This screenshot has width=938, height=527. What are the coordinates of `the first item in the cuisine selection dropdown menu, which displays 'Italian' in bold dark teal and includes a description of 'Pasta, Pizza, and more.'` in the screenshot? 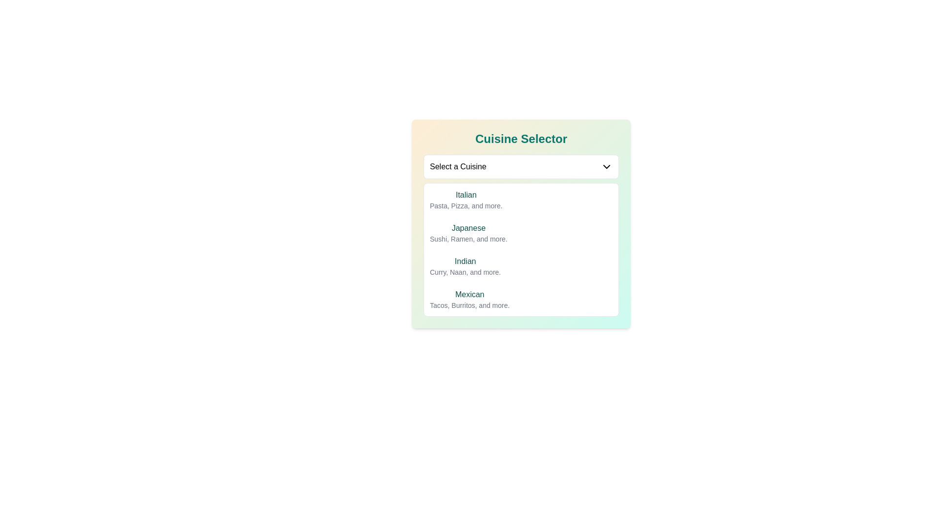 It's located at (466, 199).